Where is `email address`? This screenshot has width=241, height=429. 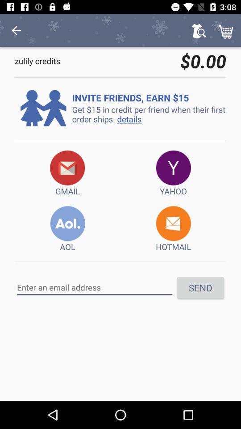 email address is located at coordinates (94, 287).